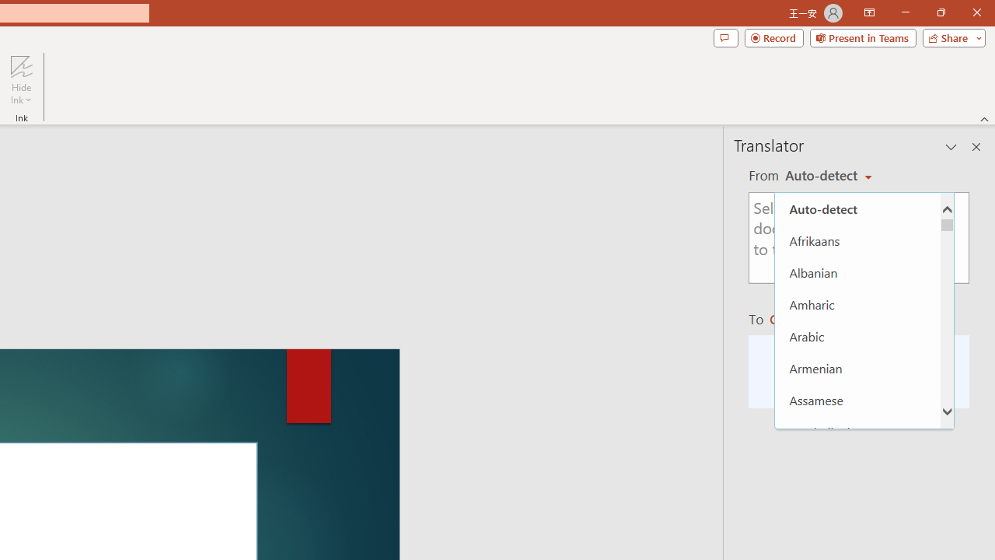  What do you see at coordinates (857, 399) in the screenshot?
I see `'Assamese'` at bounding box center [857, 399].